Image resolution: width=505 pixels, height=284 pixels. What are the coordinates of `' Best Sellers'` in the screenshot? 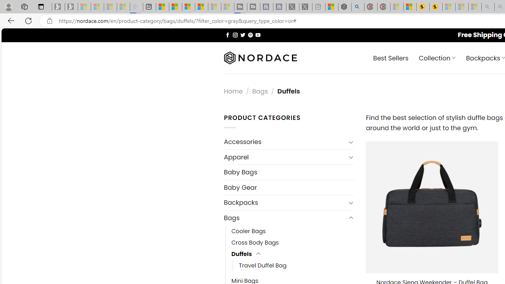 It's located at (391, 57).